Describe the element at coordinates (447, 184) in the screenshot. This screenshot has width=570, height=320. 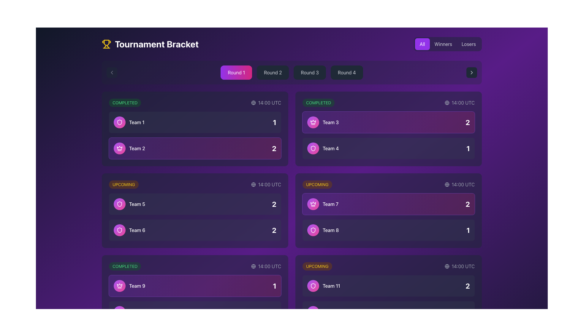
I see `the globe icon that visually pairs with the time labels in the match schedule cards, located in the cell headers` at that location.